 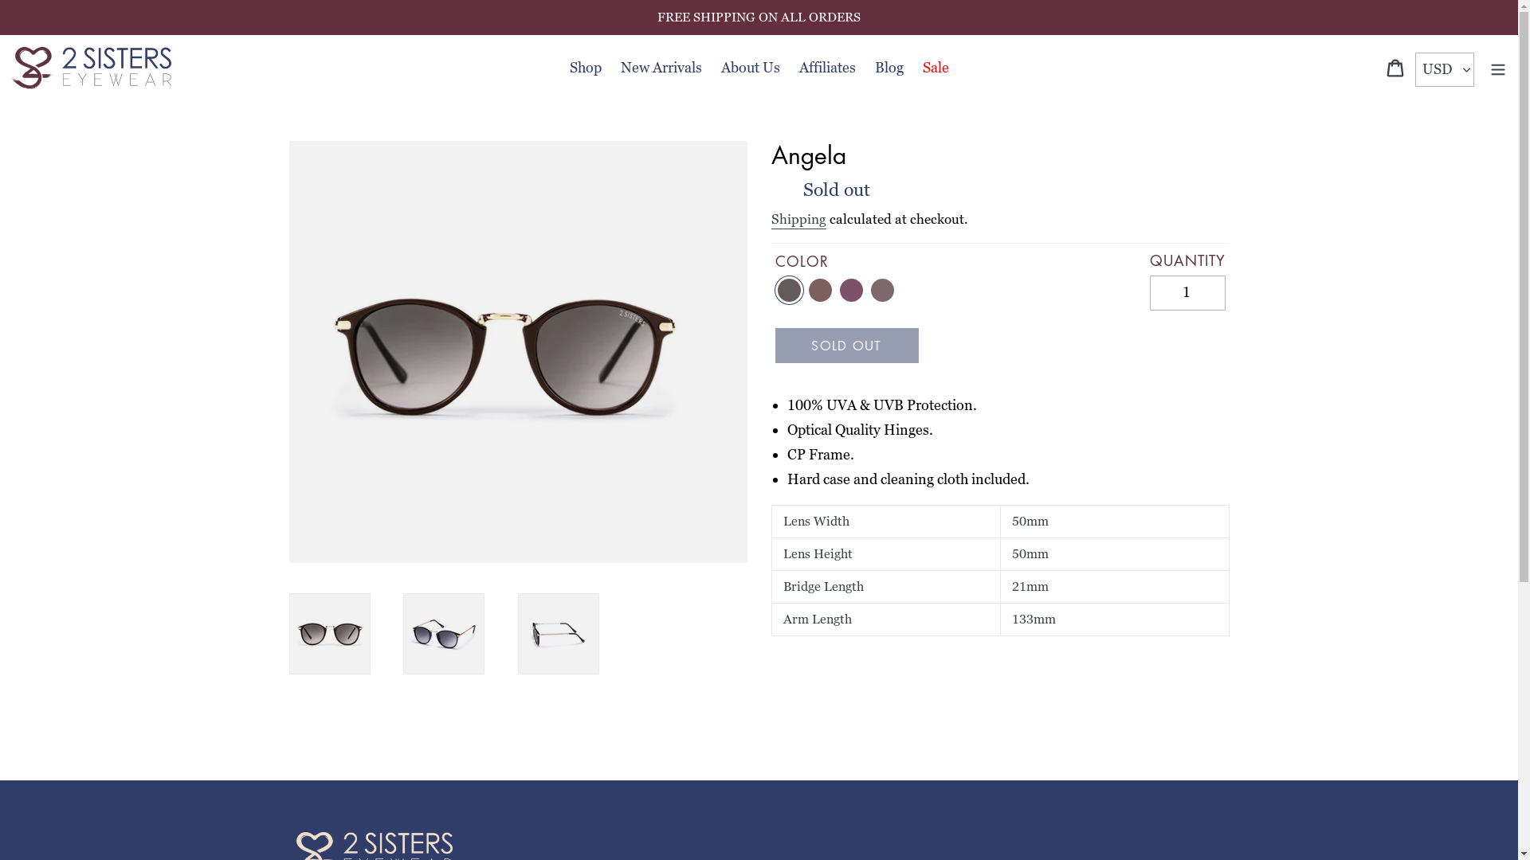 I want to click on 'SOLD OUT', so click(x=845, y=345).